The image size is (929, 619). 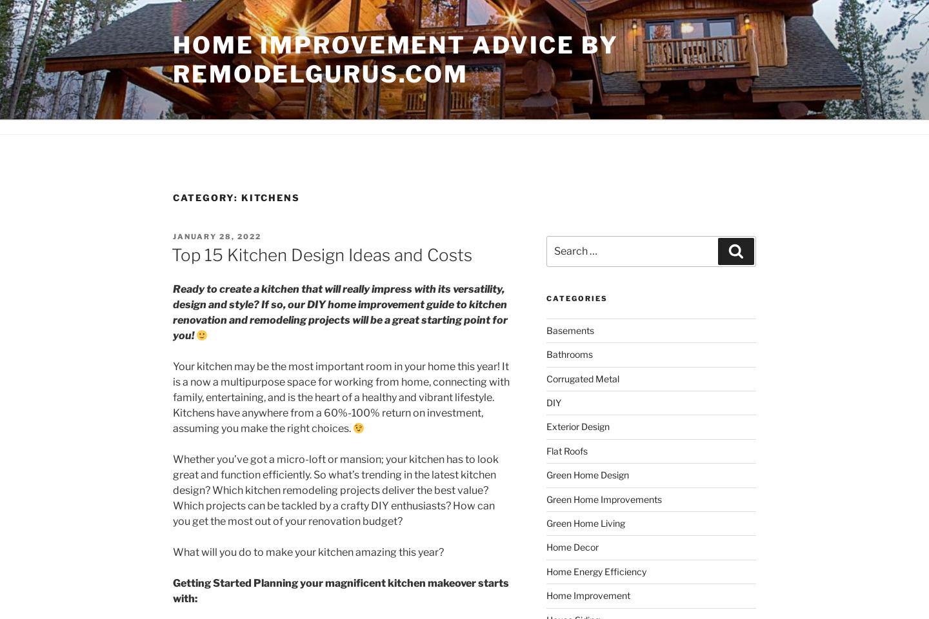 I want to click on 'Basements', so click(x=569, y=329).